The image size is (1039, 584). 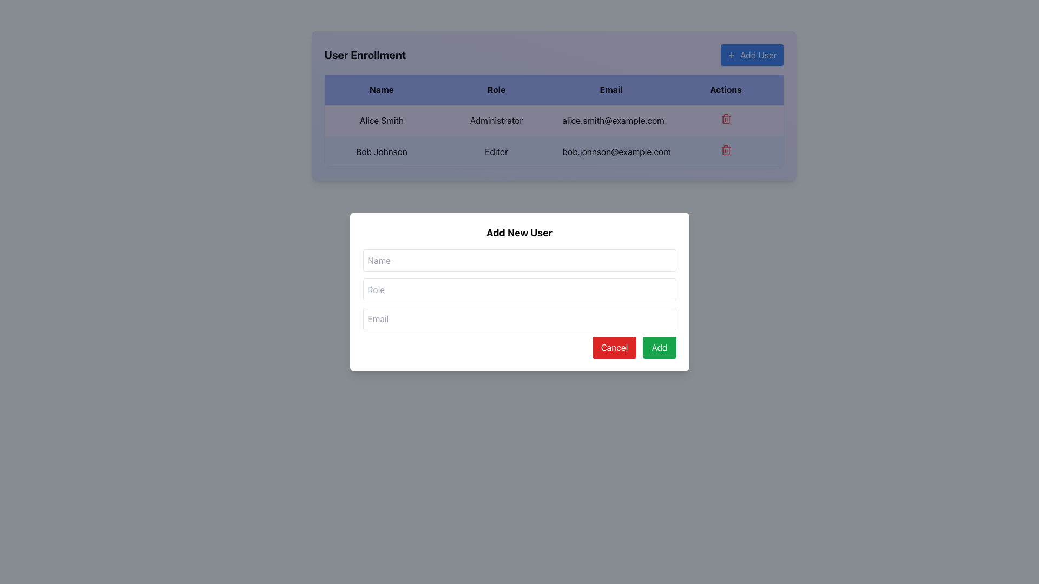 I want to click on the 'Confirm' button in the bottom-right section of the 'Add New User' modal, so click(x=659, y=348).